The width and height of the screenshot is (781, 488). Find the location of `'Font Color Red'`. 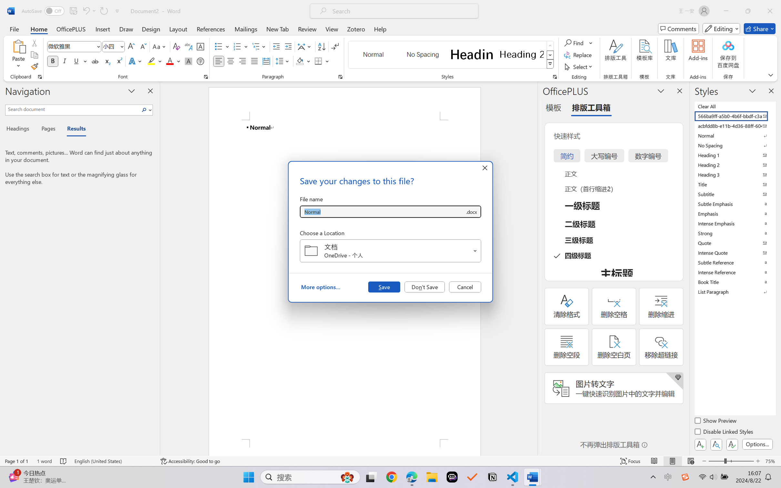

'Font Color Red' is located at coordinates (170, 61).